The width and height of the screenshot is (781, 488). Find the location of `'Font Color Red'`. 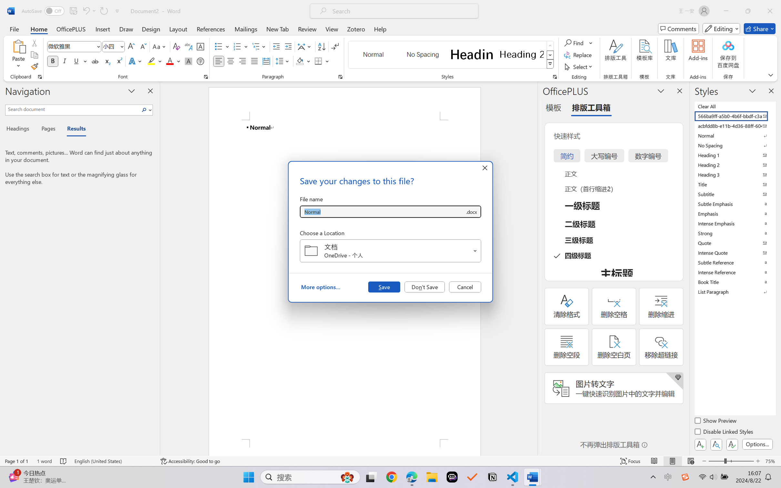

'Font Color Red' is located at coordinates (170, 61).